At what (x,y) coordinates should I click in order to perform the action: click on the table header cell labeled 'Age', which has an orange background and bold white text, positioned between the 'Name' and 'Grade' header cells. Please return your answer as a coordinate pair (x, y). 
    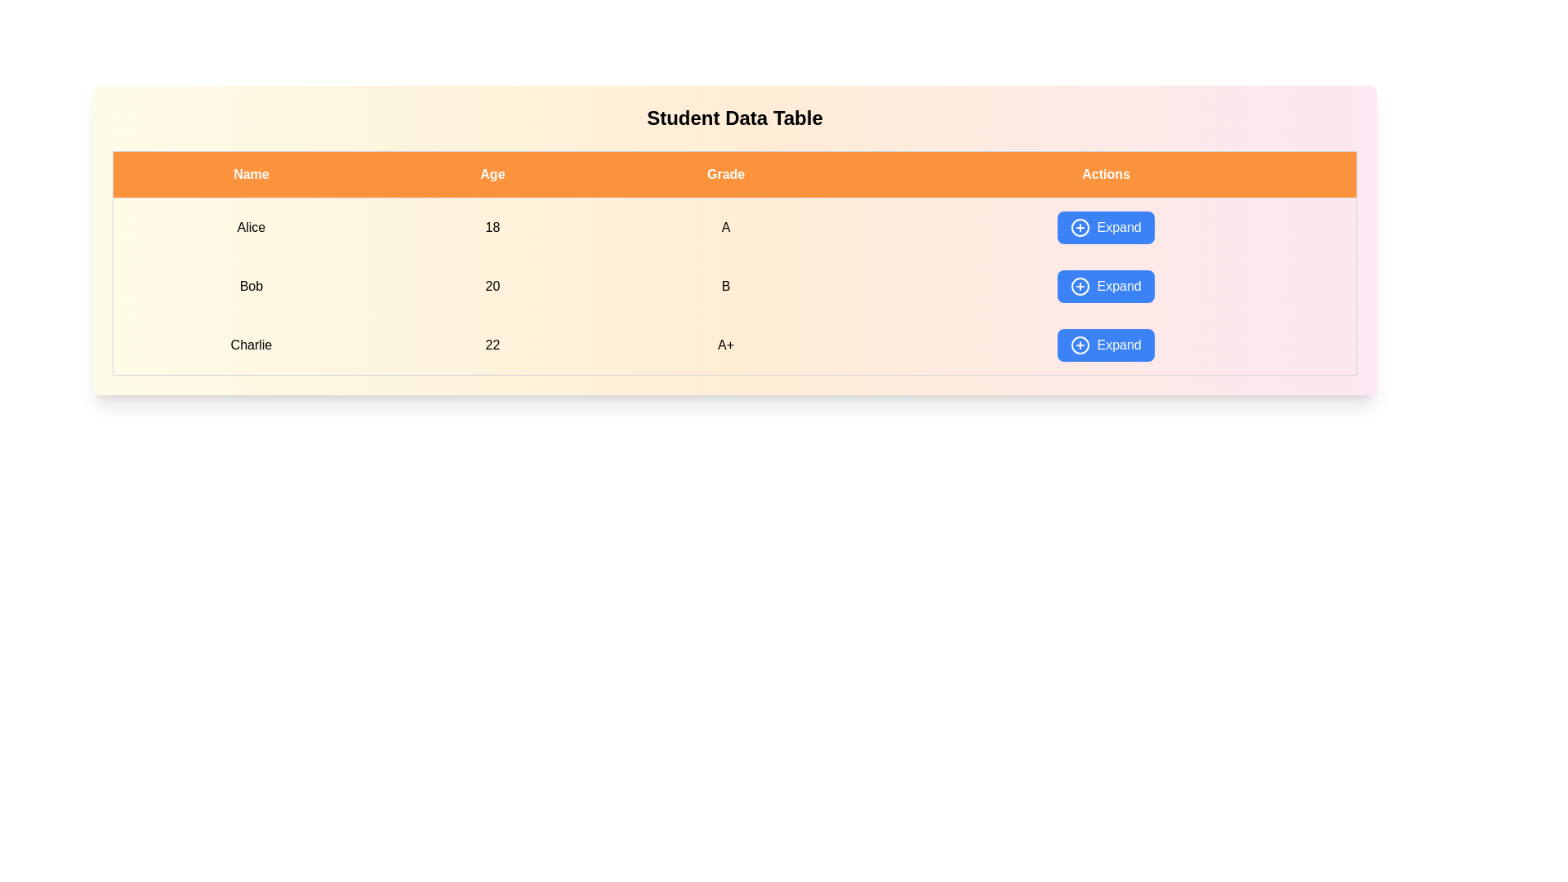
    Looking at the image, I should click on (492, 174).